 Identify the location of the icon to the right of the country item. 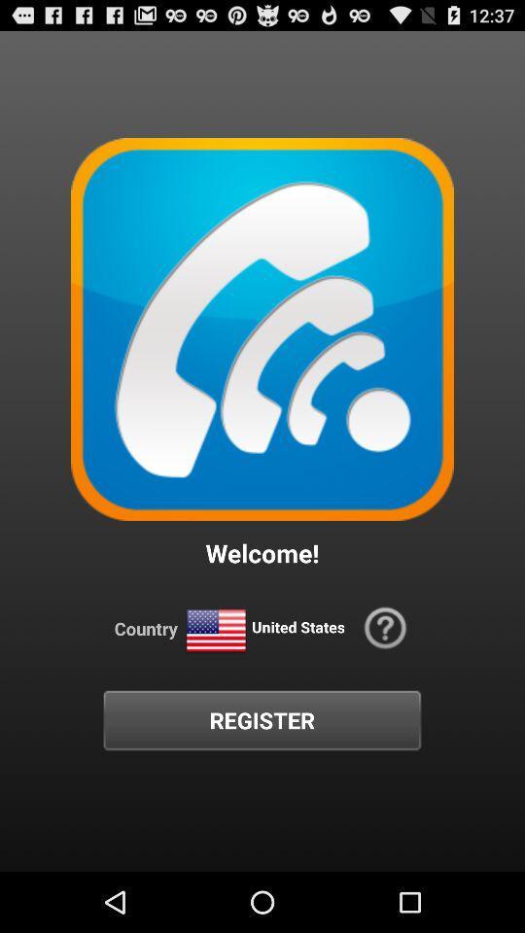
(215, 630).